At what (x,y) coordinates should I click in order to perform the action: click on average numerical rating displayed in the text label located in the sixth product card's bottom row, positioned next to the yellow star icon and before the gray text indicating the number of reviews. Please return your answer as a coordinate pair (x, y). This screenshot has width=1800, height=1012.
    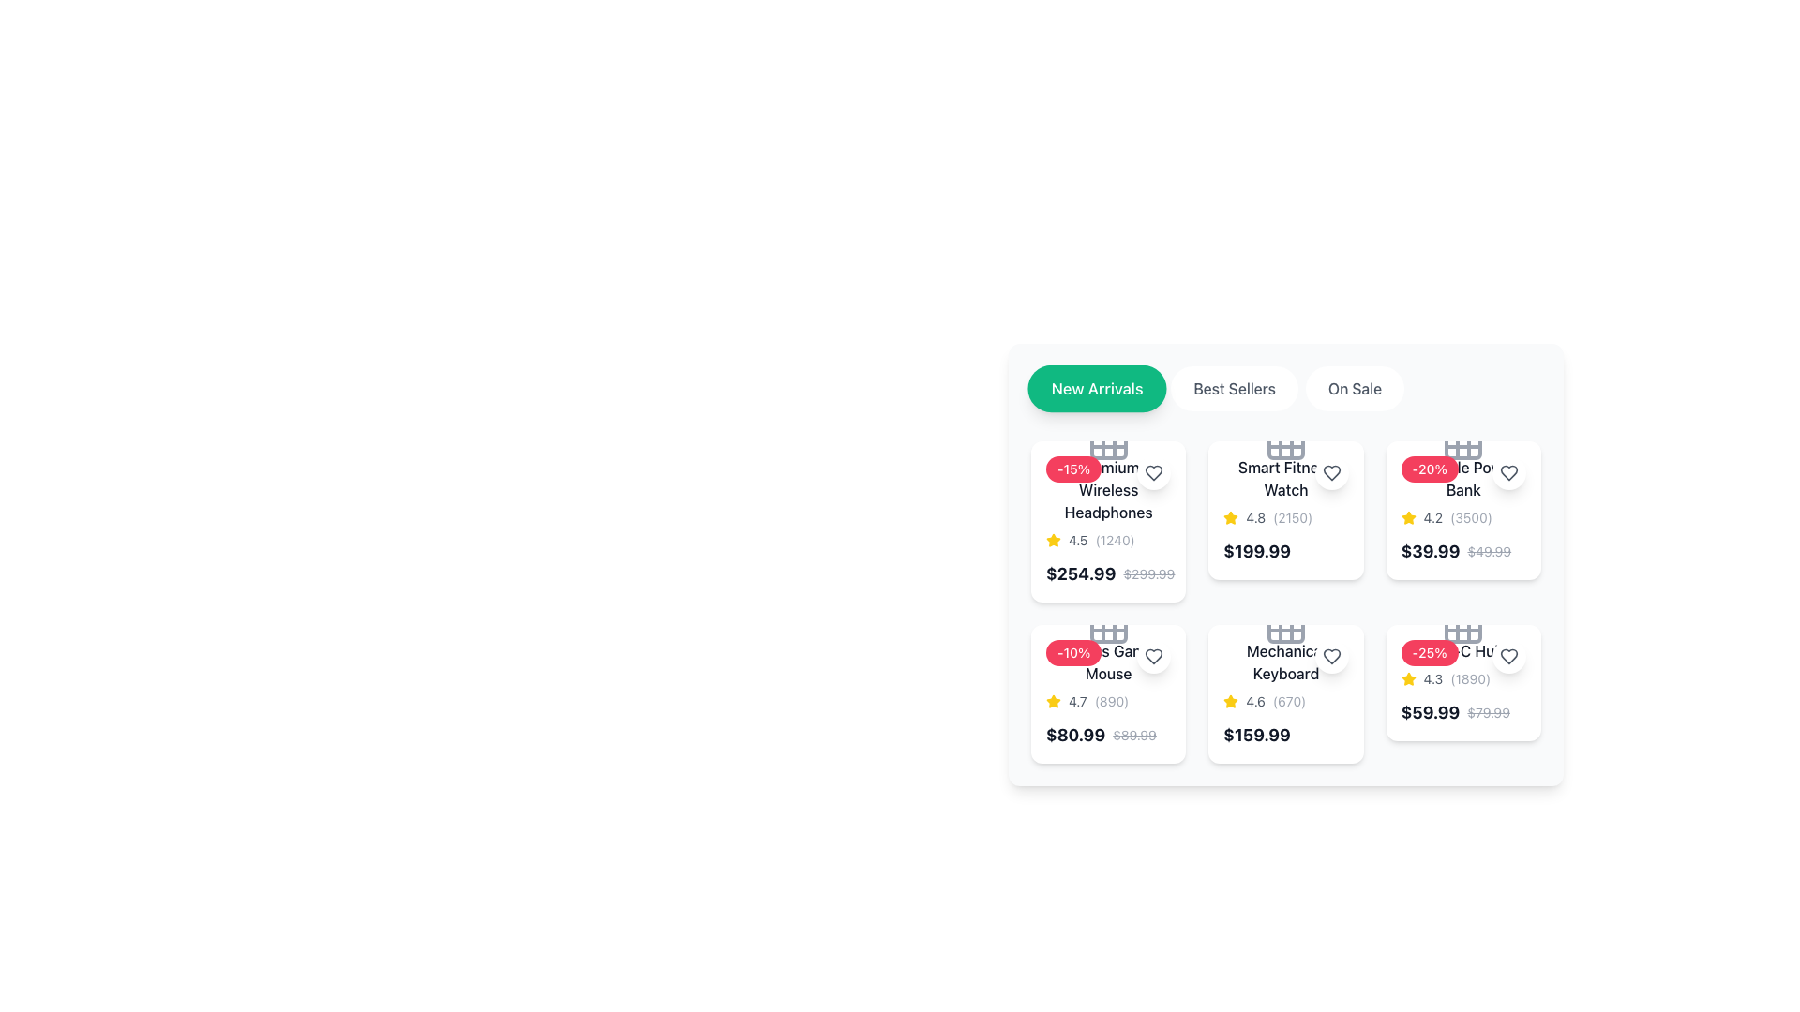
    Looking at the image, I should click on (1255, 701).